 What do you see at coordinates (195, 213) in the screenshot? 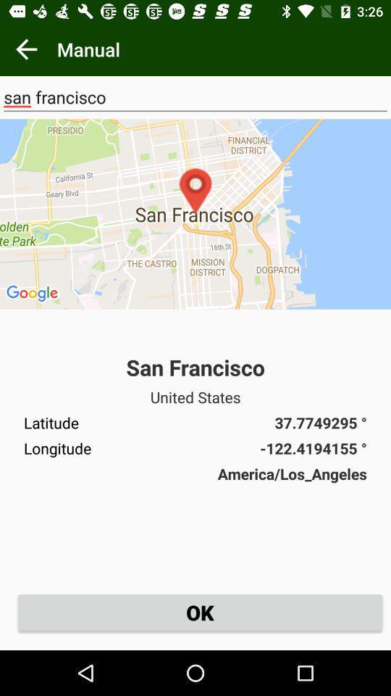
I see `the item above san francisco item` at bounding box center [195, 213].